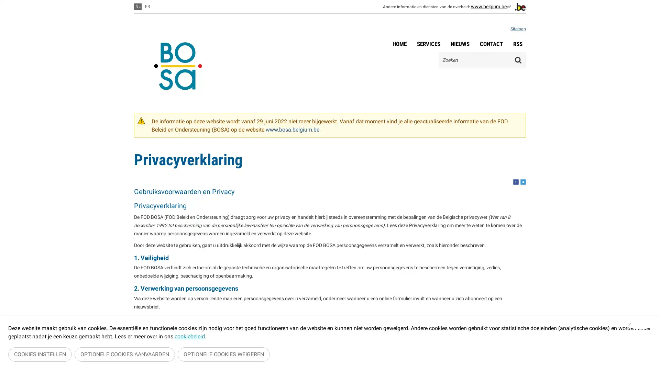 This screenshot has width=660, height=371. Describe the element at coordinates (516, 181) in the screenshot. I see `Share this, facebook. This button opens a new window` at that location.